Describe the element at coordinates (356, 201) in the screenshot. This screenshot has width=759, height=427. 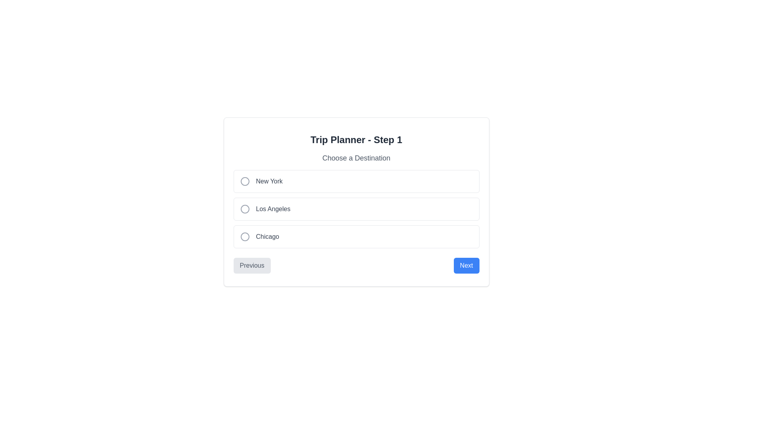
I see `the radio button option labeled 'Los Angeles'` at that location.